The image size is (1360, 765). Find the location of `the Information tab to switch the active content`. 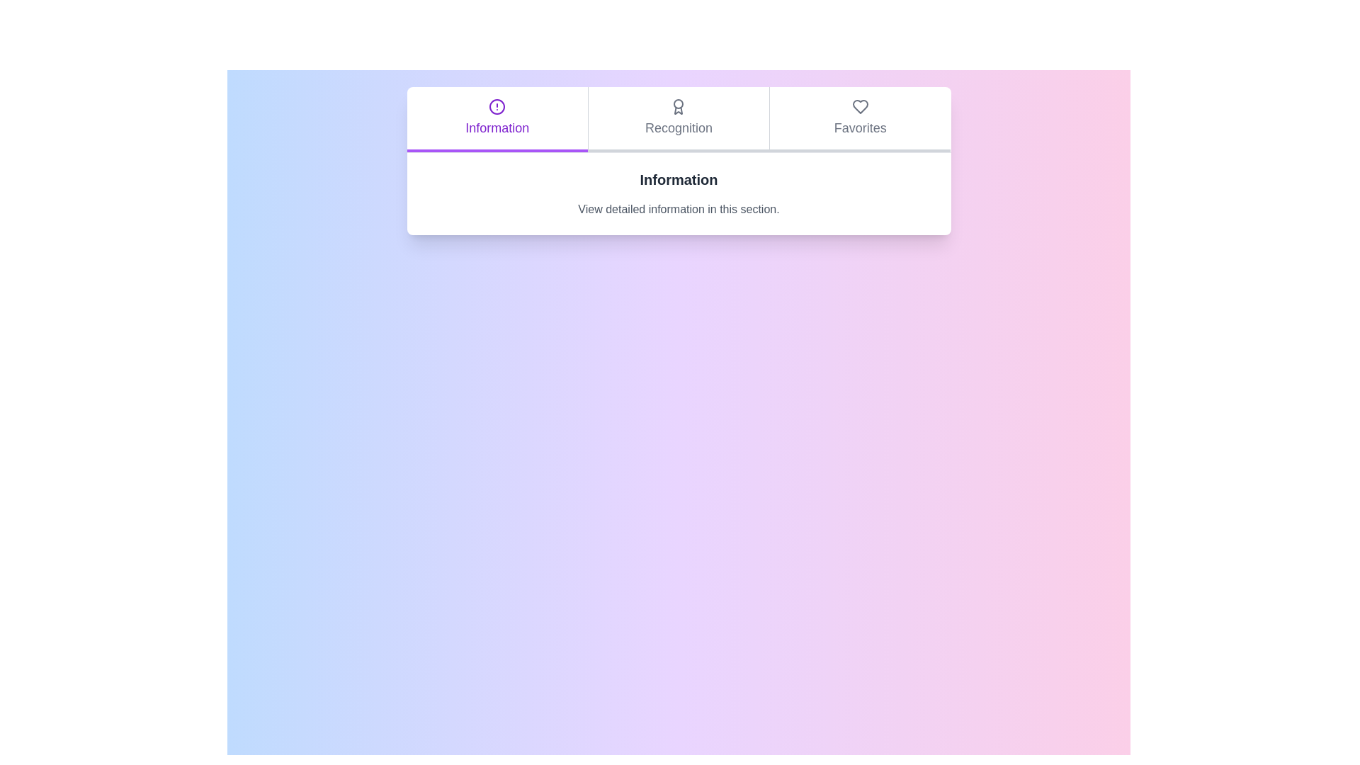

the Information tab to switch the active content is located at coordinates (497, 119).